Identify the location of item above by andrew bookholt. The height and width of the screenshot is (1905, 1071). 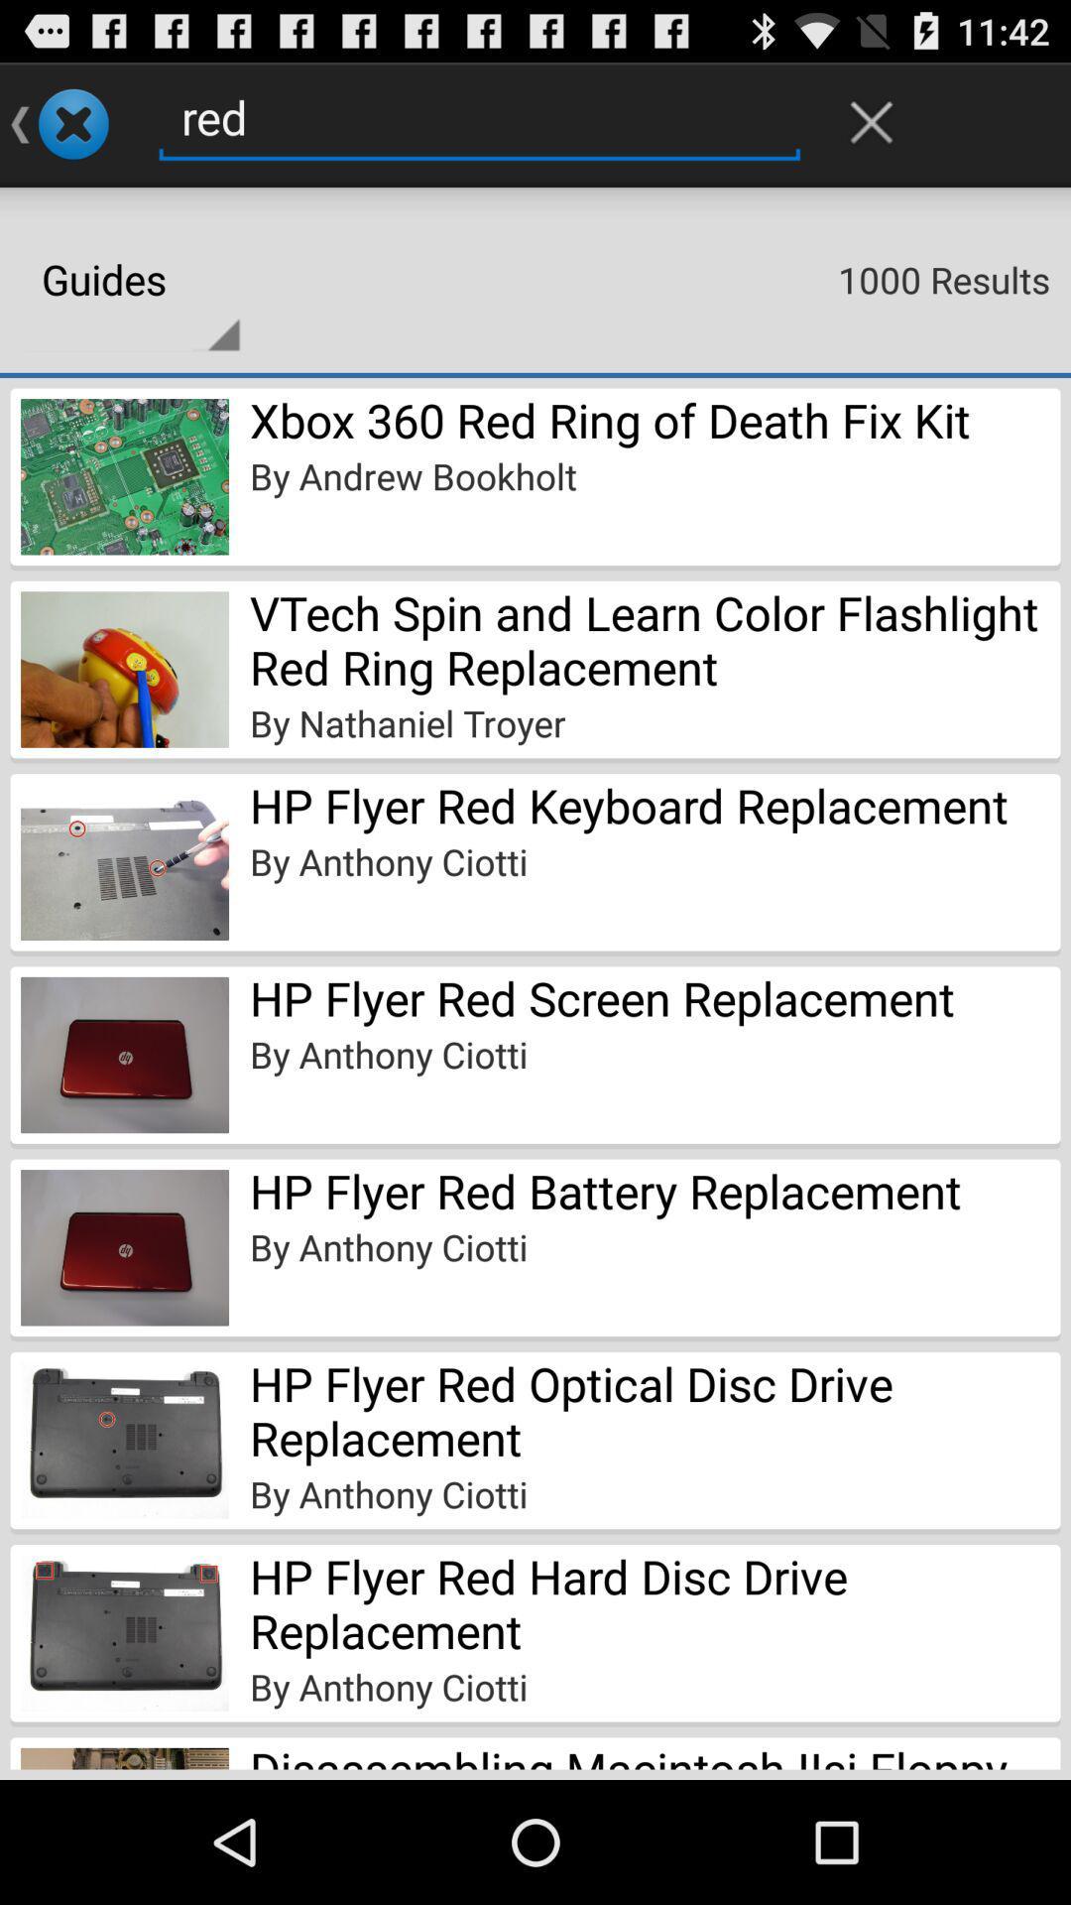
(609, 419).